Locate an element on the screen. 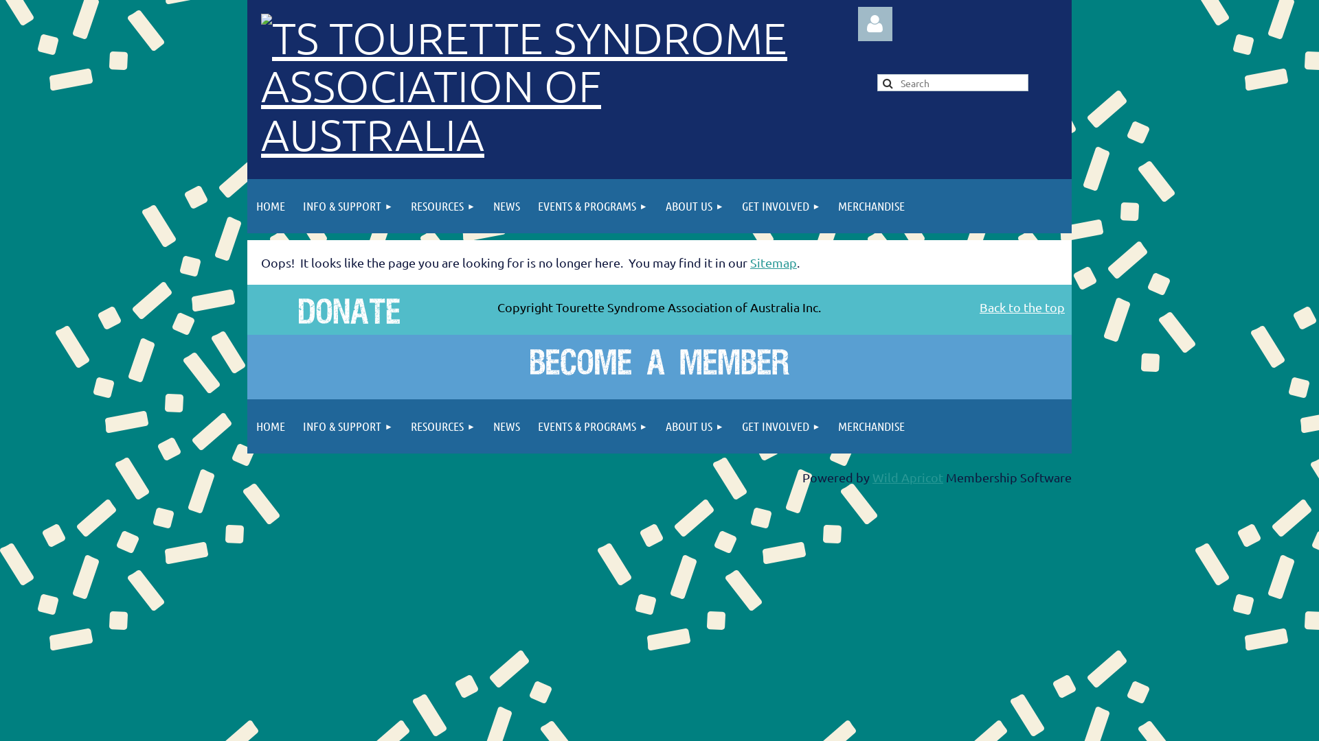 This screenshot has height=741, width=1319. 'Back to the top' is located at coordinates (978, 306).